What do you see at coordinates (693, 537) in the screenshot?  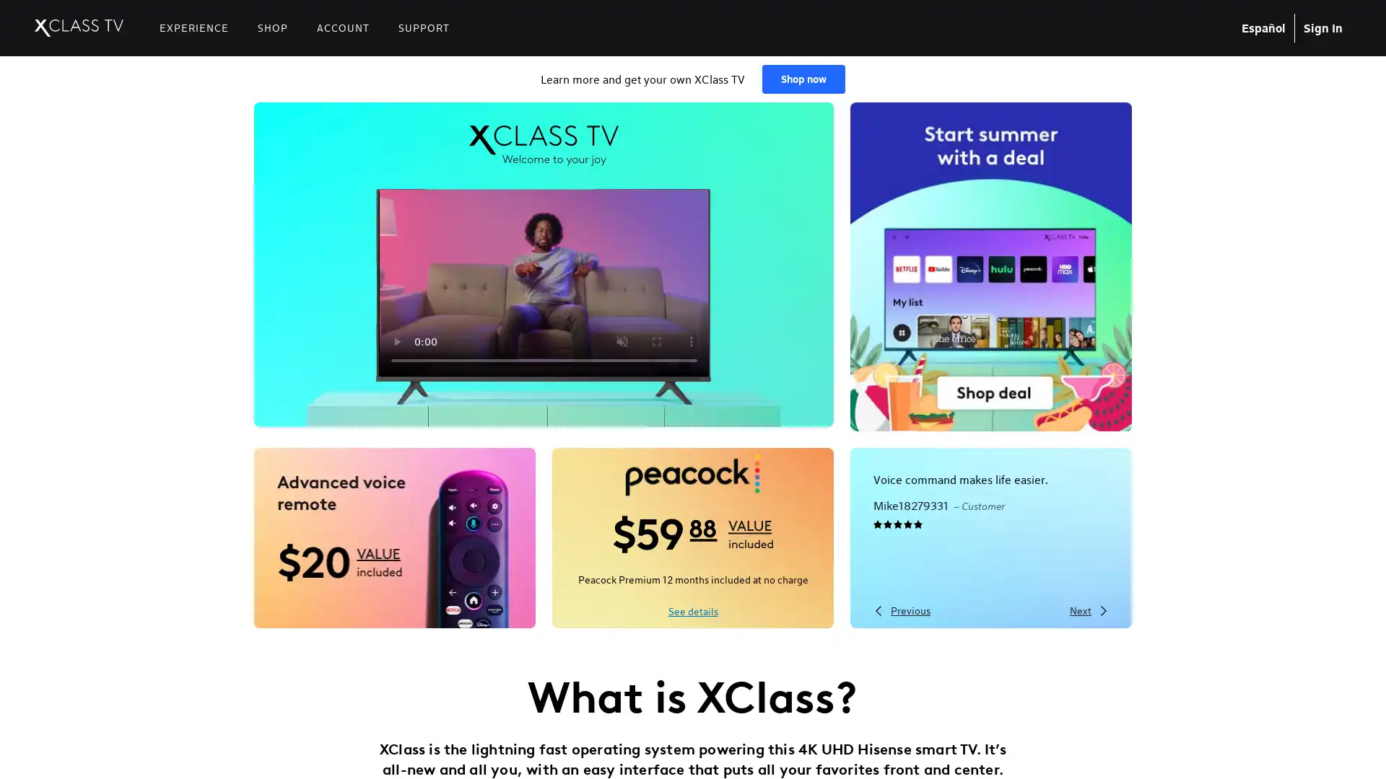 I see `Peacock logo $59.88 value included Peacock Premium 12 months included at no charge See details` at bounding box center [693, 537].